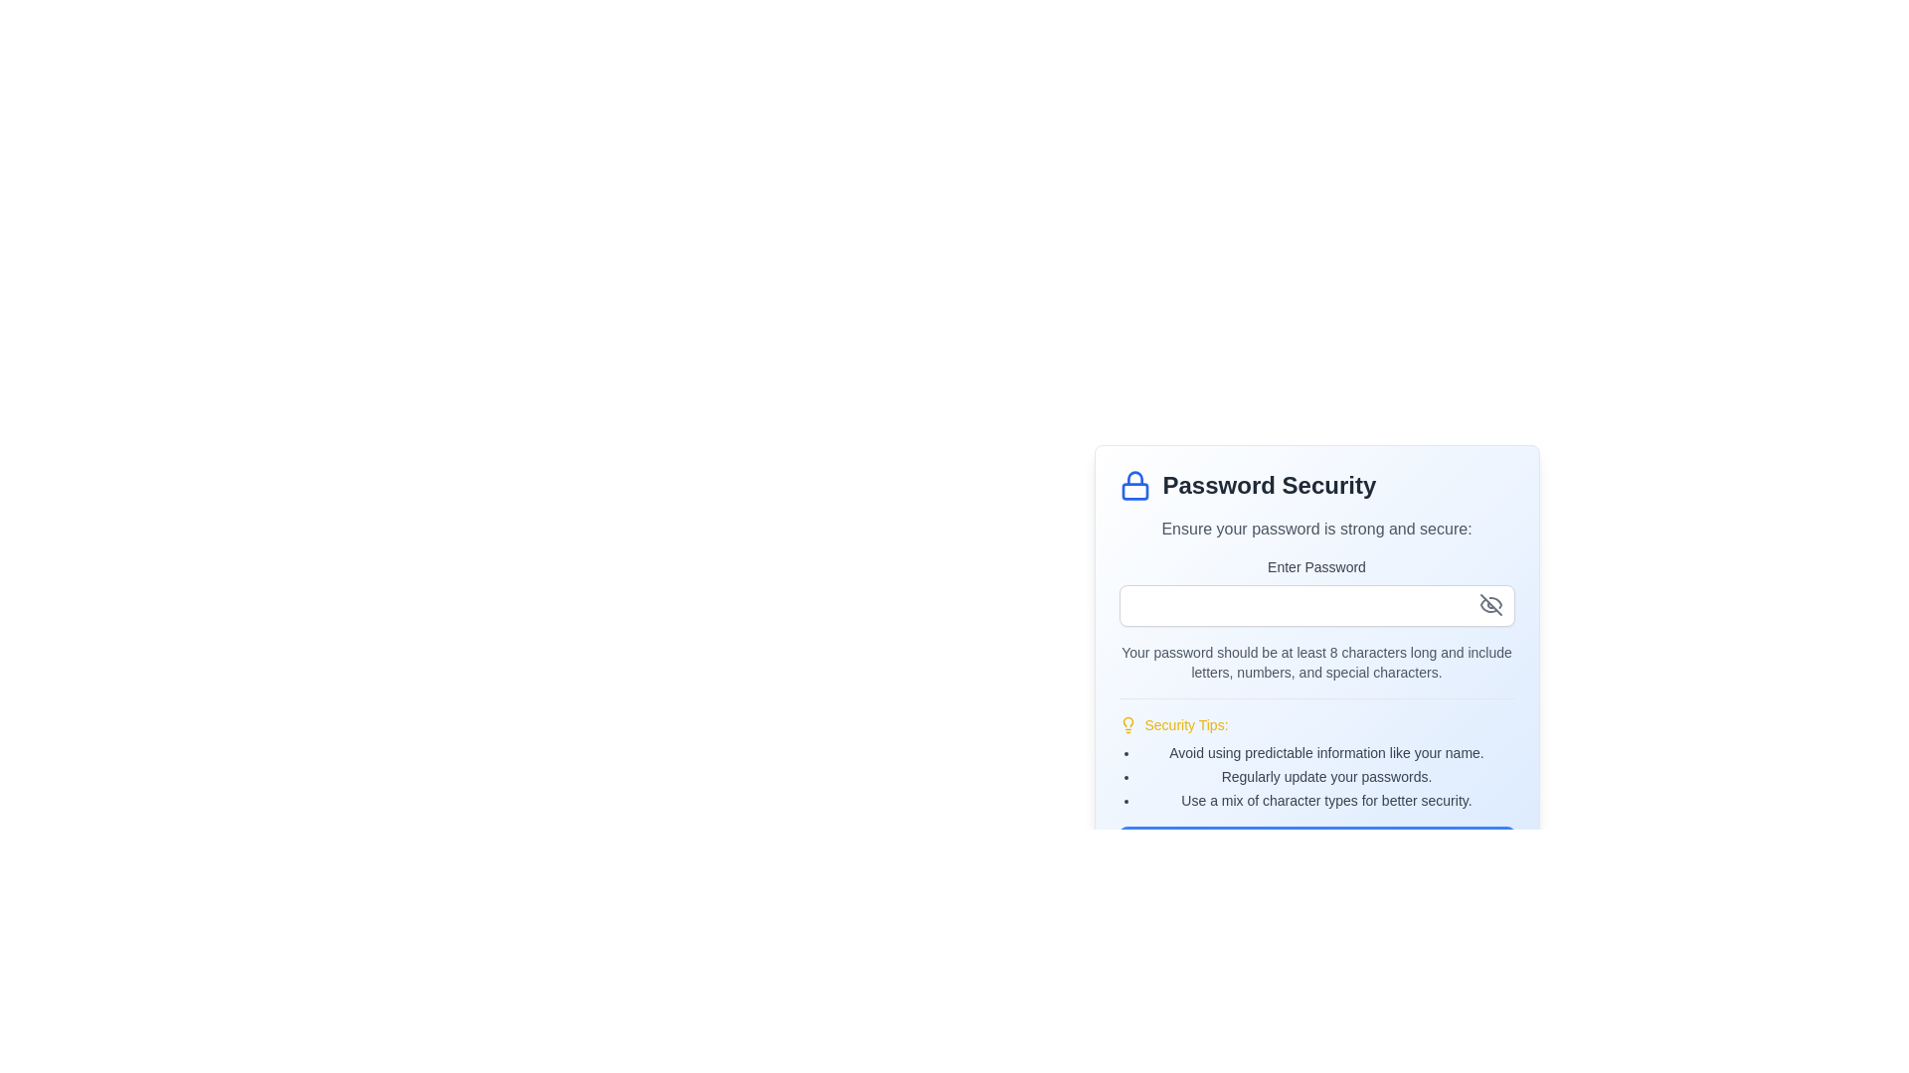  I want to click on text from the Unordered List located under the 'Security Tips:' section in the 'Password Security' panel, which contains three entries styled with bullet points, so click(1316, 776).